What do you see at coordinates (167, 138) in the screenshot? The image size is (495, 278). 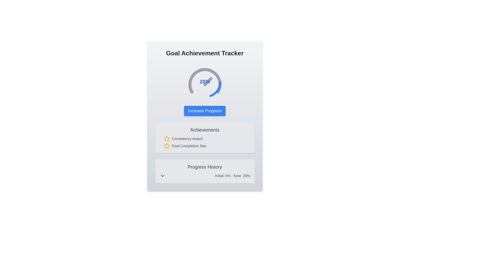 I see `the decorative icon that serves as a marker for the 'Consistency Award' text, located to the left of the text and vertically centered within the text block` at bounding box center [167, 138].